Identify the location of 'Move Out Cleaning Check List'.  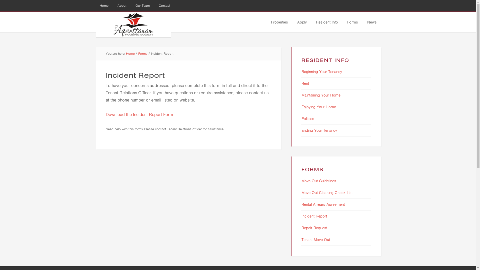
(327, 192).